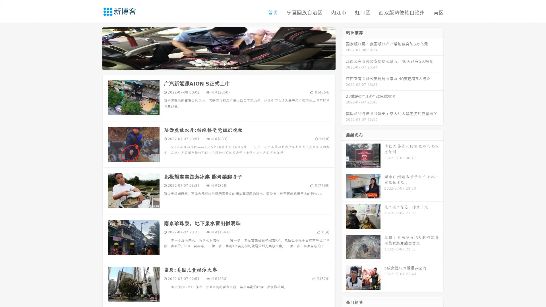  Describe the element at coordinates (94, 48) in the screenshot. I see `Previous slide` at that location.